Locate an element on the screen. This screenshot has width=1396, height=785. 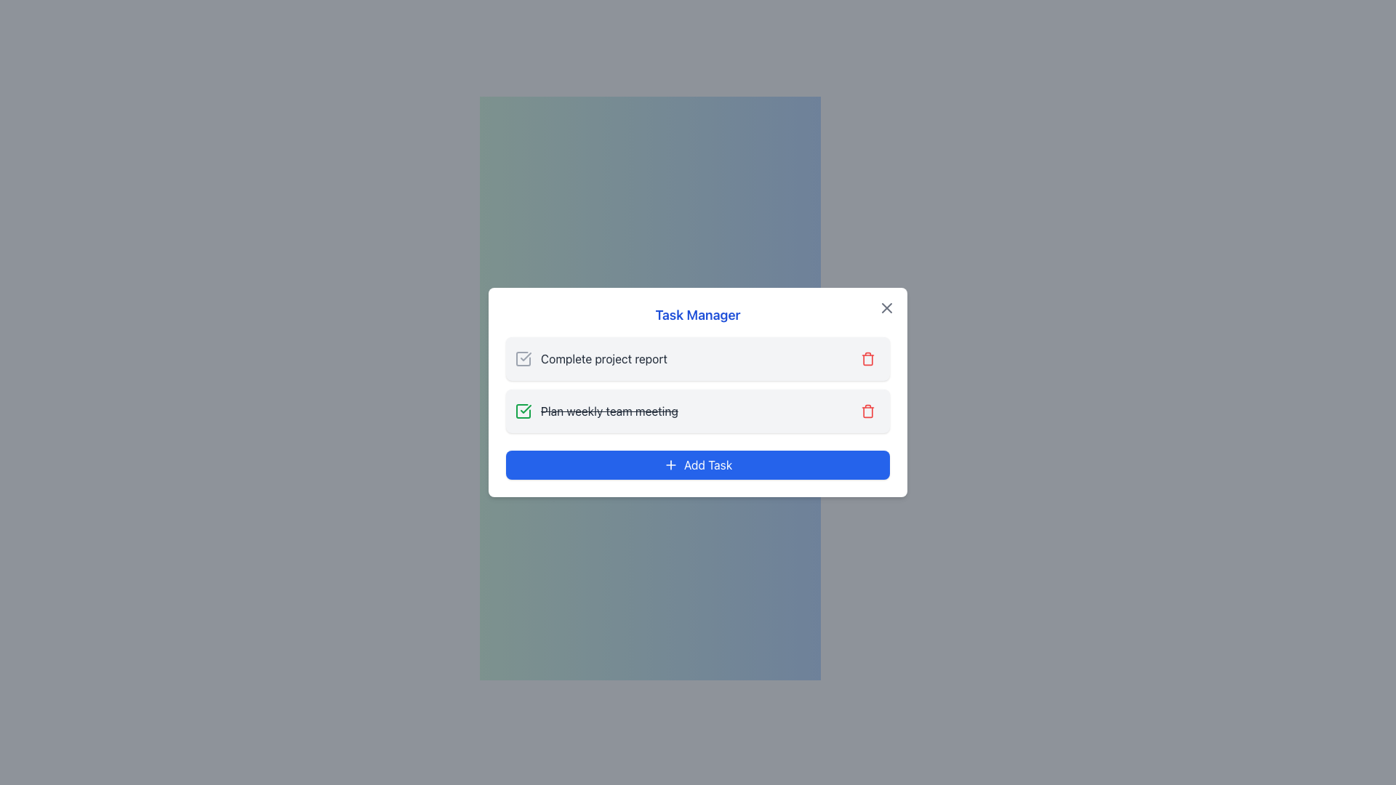
the 'Add Task' button located at the bottom-center of the 'Task Manager' dialog box is located at coordinates (698, 465).